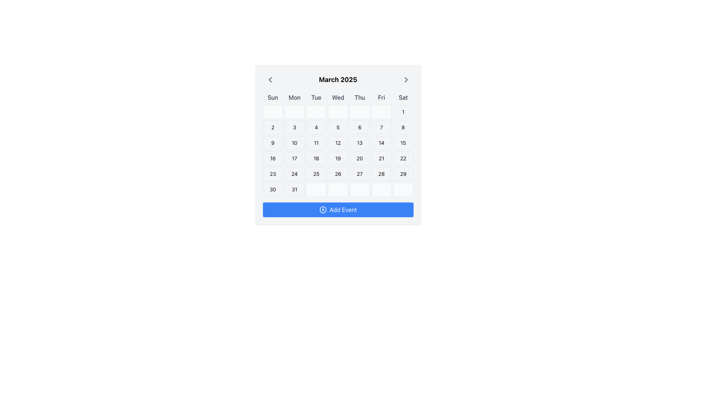 This screenshot has width=709, height=399. What do you see at coordinates (316, 174) in the screenshot?
I see `the calendar button representing the 25th day` at bounding box center [316, 174].